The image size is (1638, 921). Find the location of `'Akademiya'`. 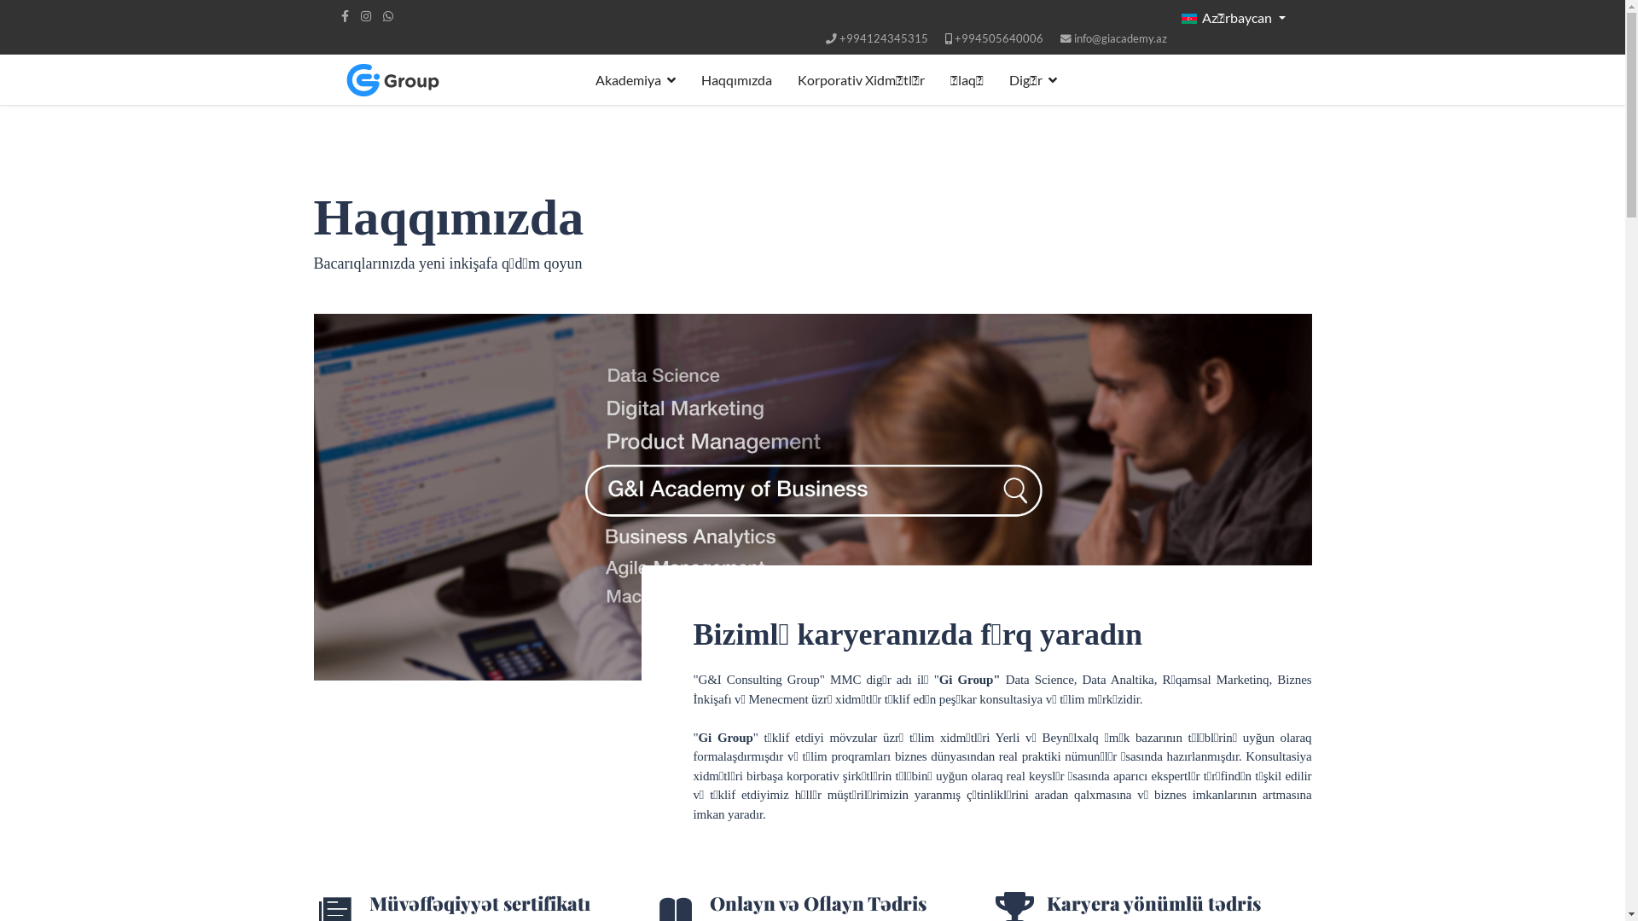

'Akademiya' is located at coordinates (581, 79).